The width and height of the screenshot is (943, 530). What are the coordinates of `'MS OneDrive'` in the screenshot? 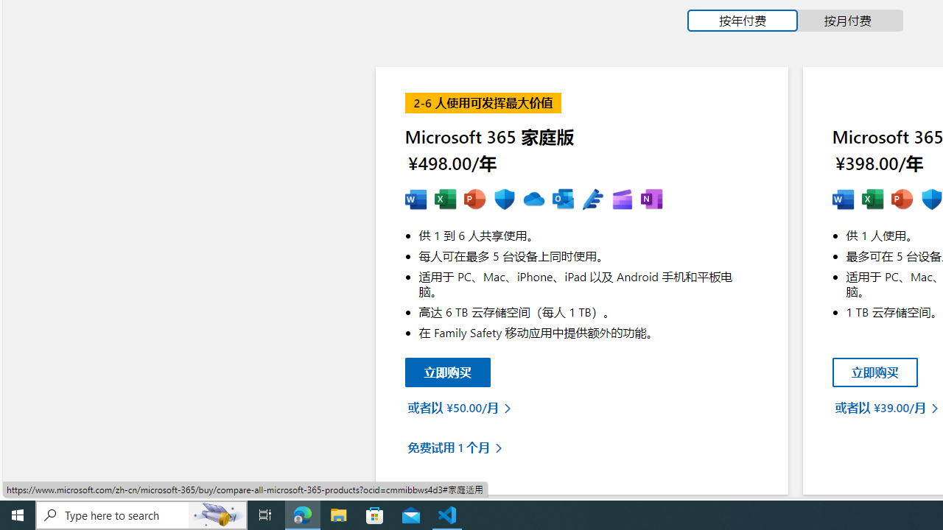 It's located at (533, 199).